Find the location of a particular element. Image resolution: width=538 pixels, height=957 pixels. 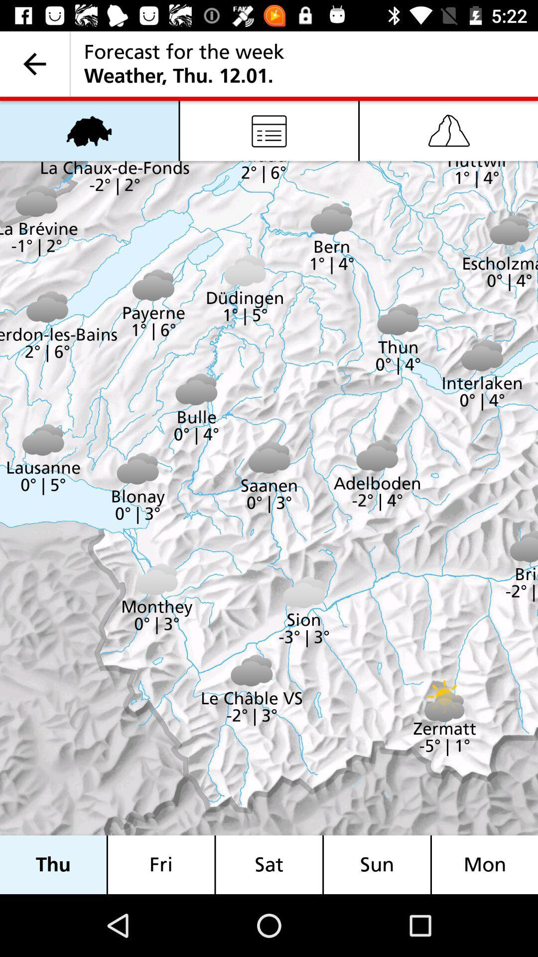

the swap icon is located at coordinates (89, 130).